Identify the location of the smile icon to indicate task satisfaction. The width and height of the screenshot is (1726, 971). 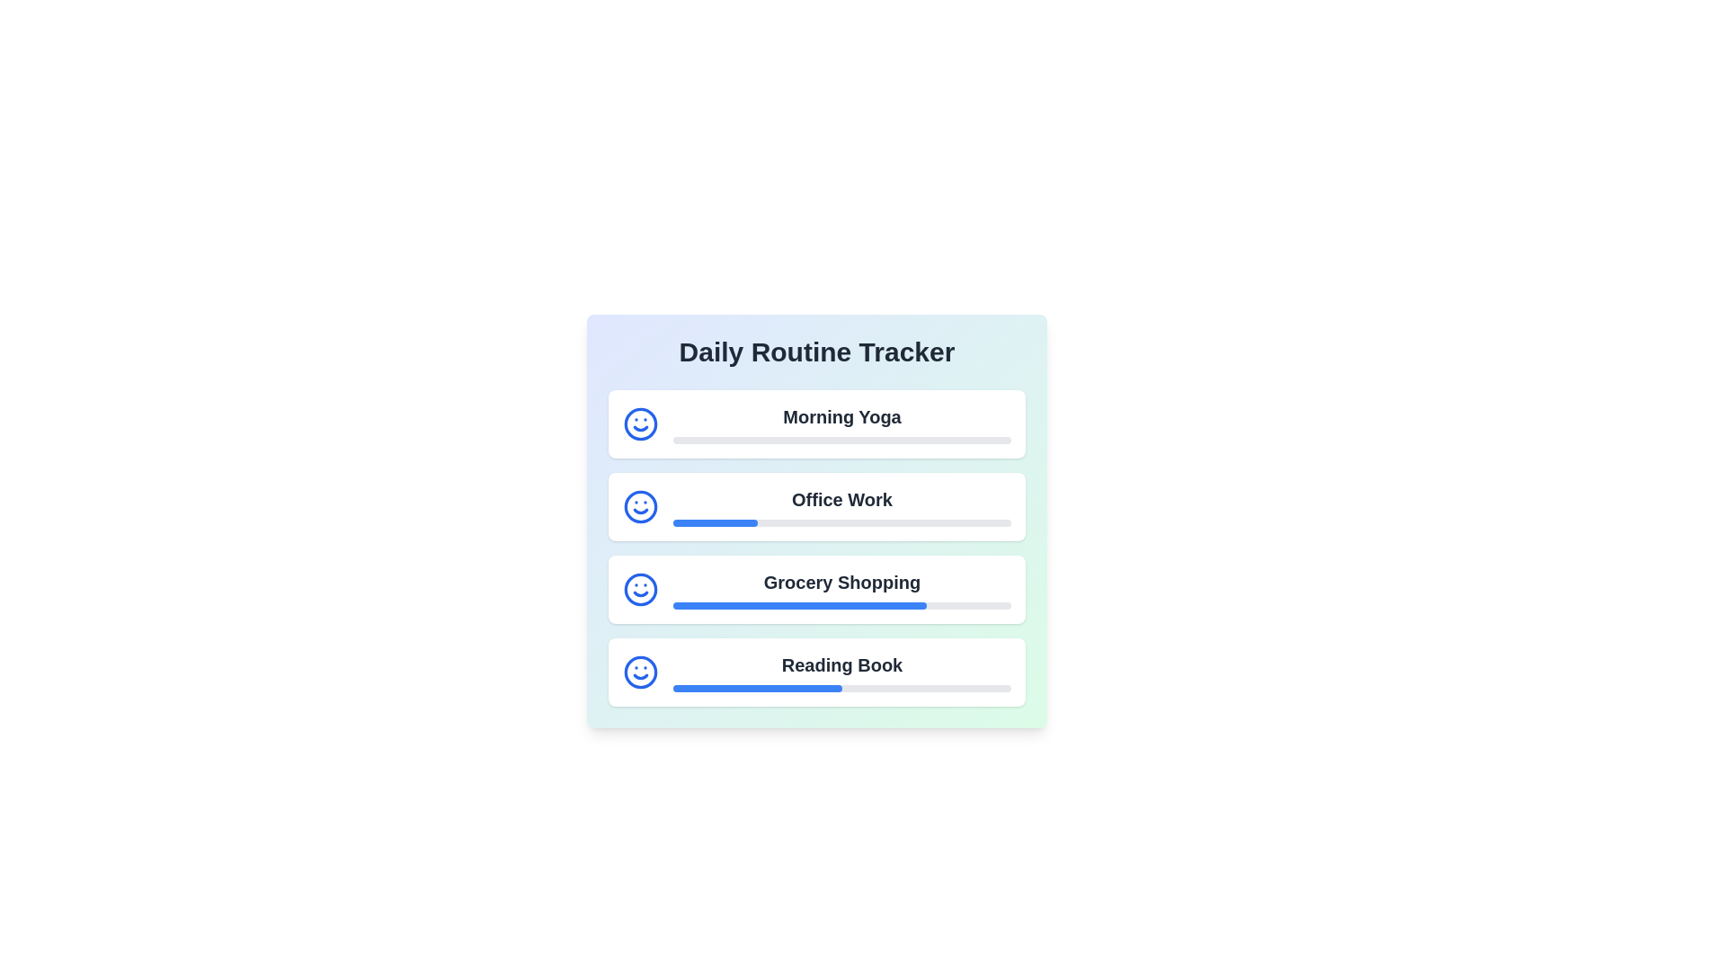
(641, 423).